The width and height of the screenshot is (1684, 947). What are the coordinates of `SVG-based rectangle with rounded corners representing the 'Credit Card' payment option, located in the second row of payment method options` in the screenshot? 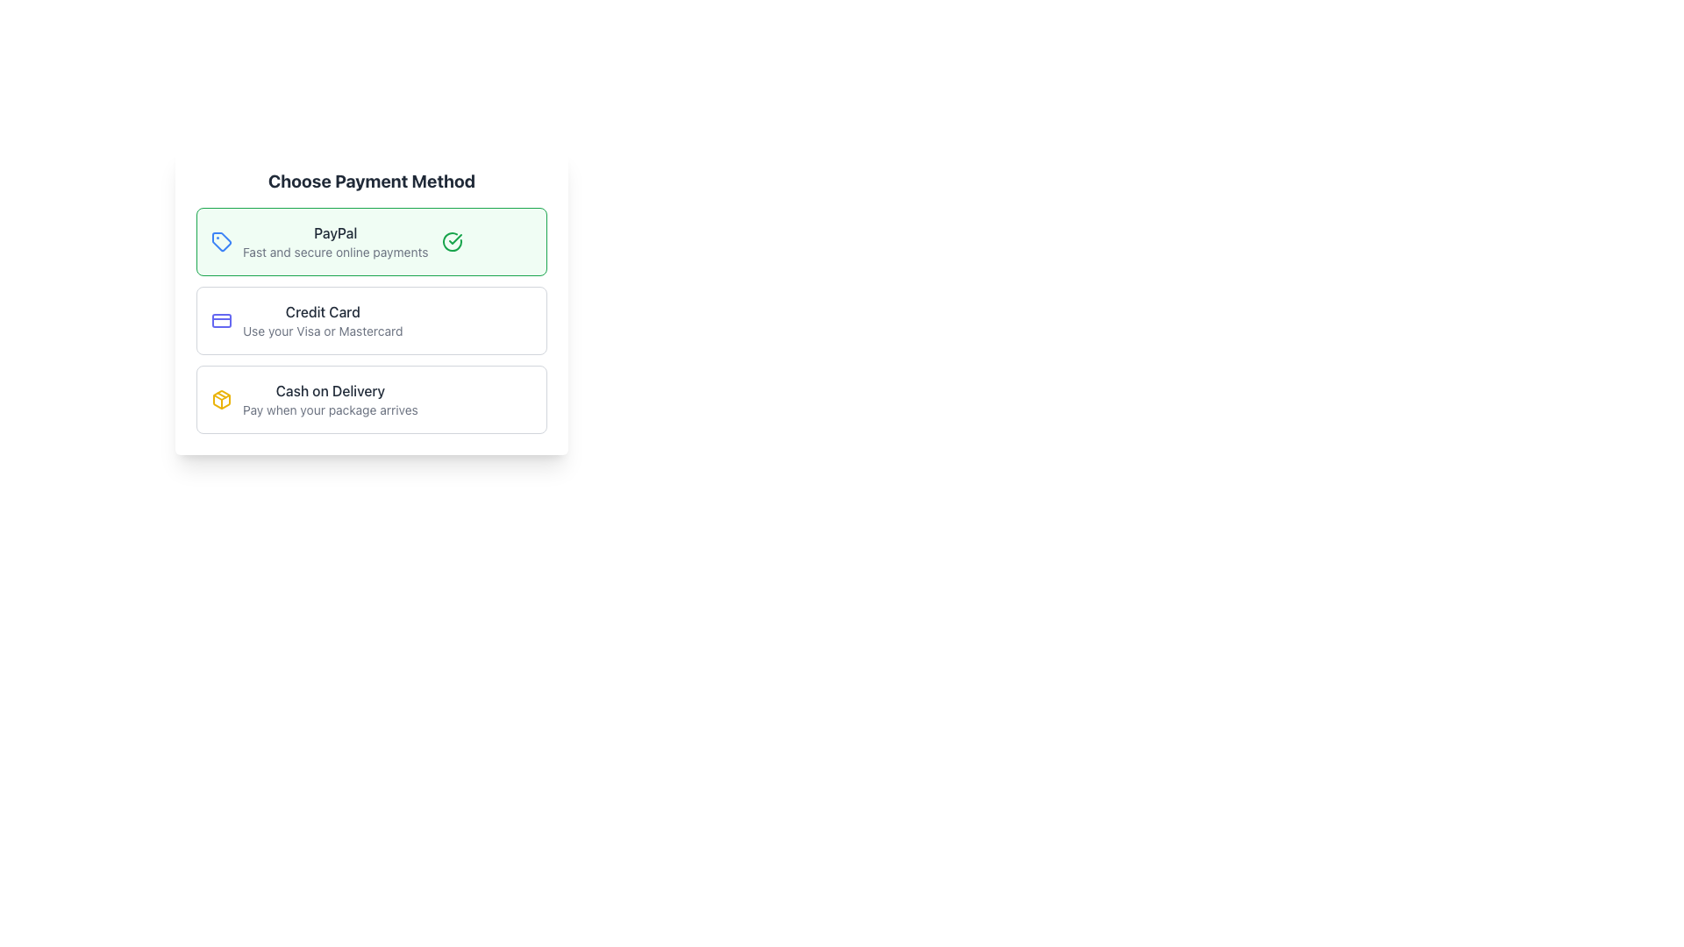 It's located at (221, 321).